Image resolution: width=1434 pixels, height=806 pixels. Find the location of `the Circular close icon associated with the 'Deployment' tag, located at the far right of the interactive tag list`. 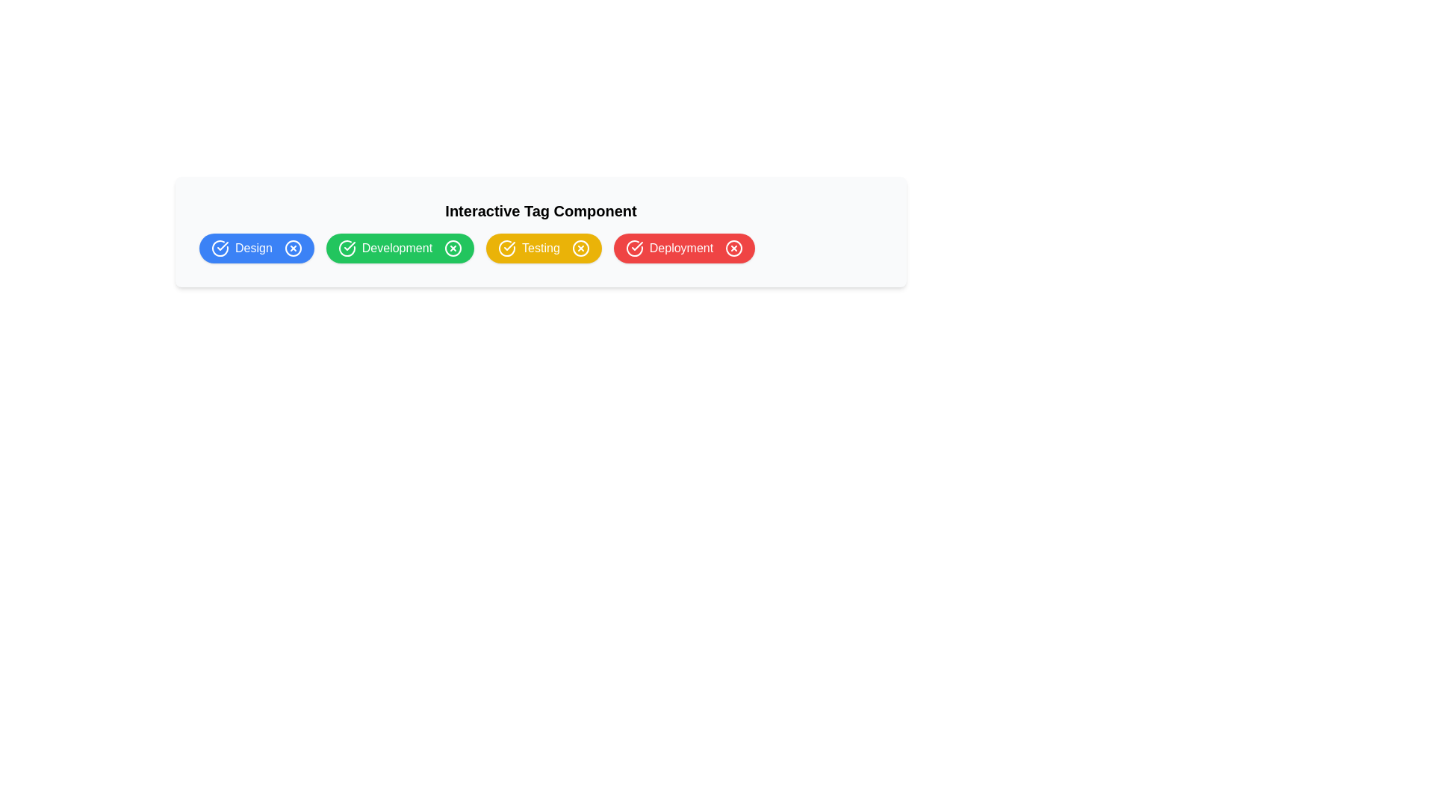

the Circular close icon associated with the 'Deployment' tag, located at the far right of the interactive tag list is located at coordinates (734, 247).